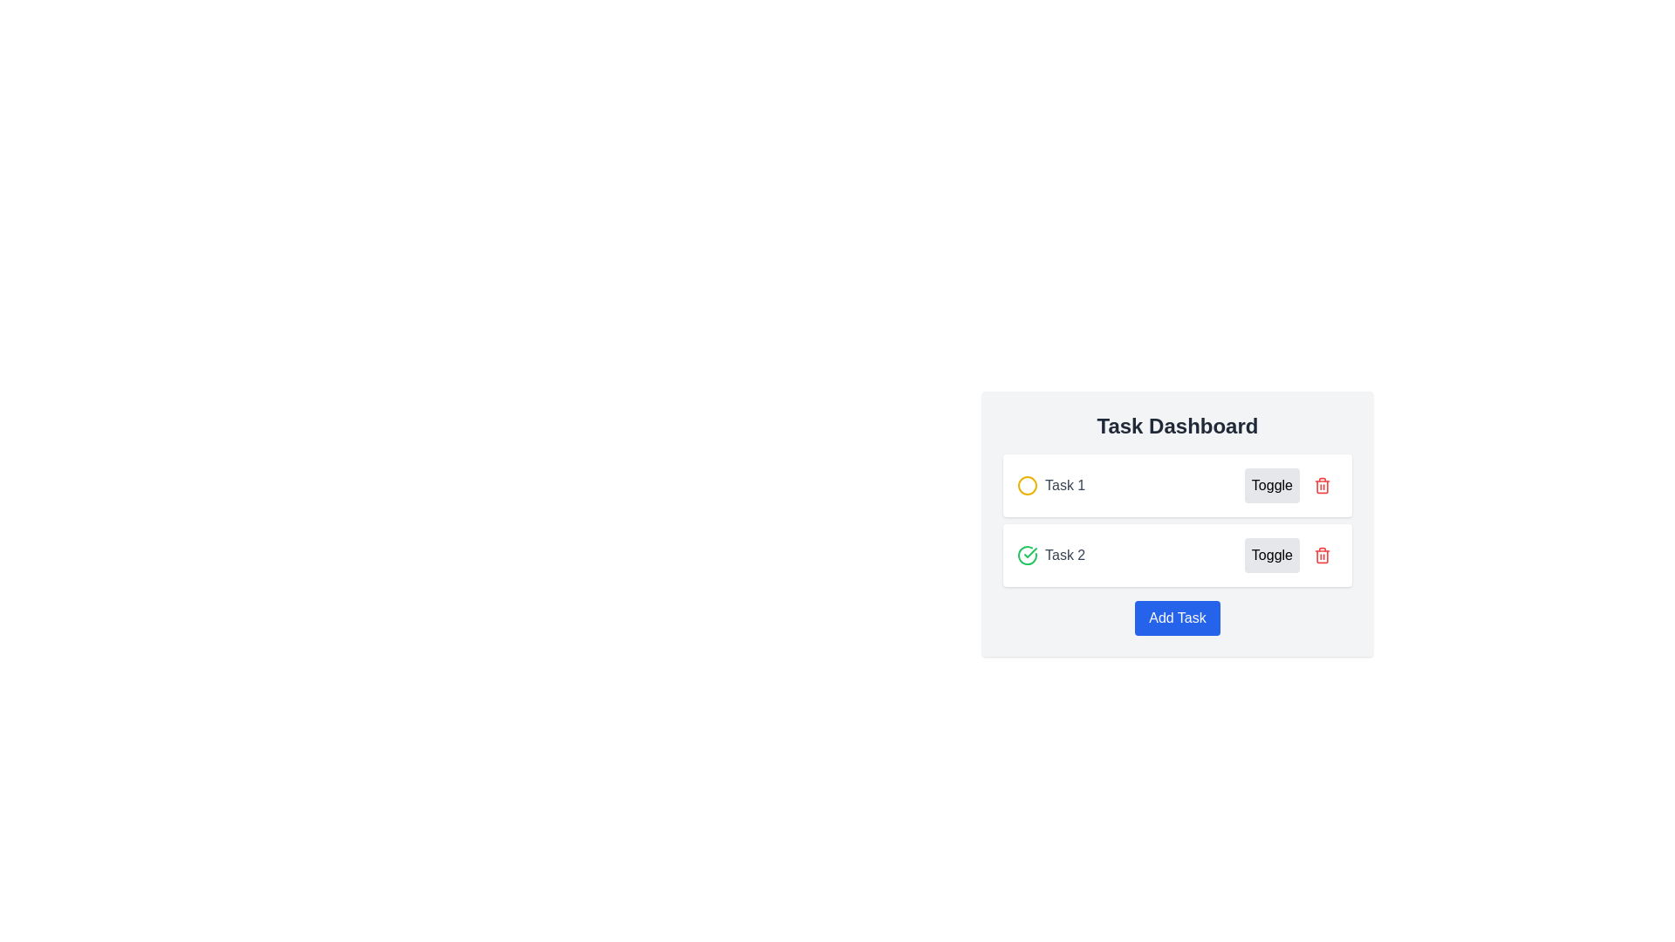  I want to click on the toggle button located, so click(1272, 485).